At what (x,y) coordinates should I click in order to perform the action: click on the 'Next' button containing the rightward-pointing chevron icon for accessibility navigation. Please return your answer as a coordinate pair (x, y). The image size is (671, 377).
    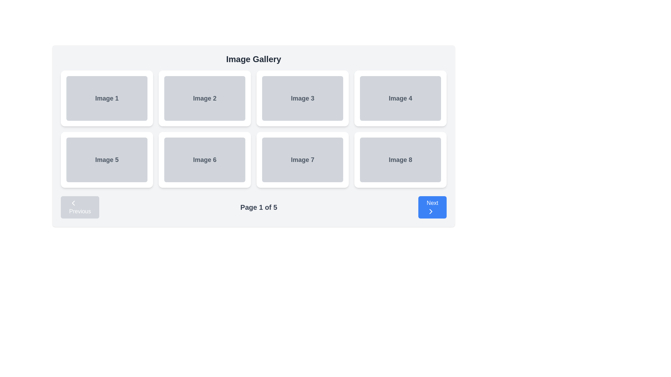
    Looking at the image, I should click on (431, 211).